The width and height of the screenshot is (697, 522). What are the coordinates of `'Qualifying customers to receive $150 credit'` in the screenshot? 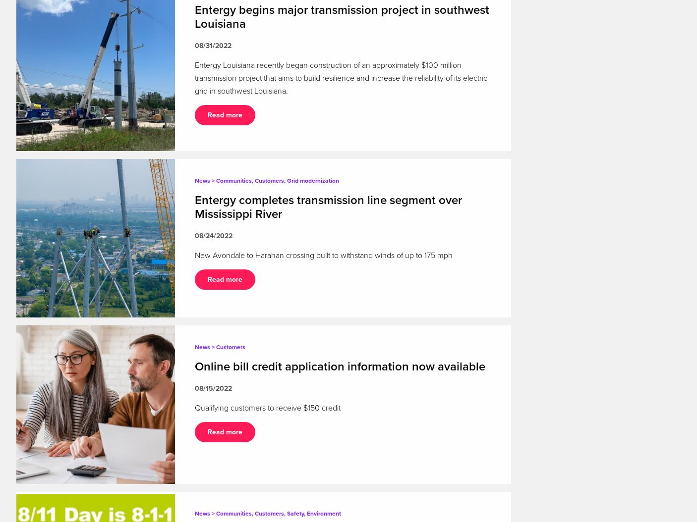 It's located at (267, 407).